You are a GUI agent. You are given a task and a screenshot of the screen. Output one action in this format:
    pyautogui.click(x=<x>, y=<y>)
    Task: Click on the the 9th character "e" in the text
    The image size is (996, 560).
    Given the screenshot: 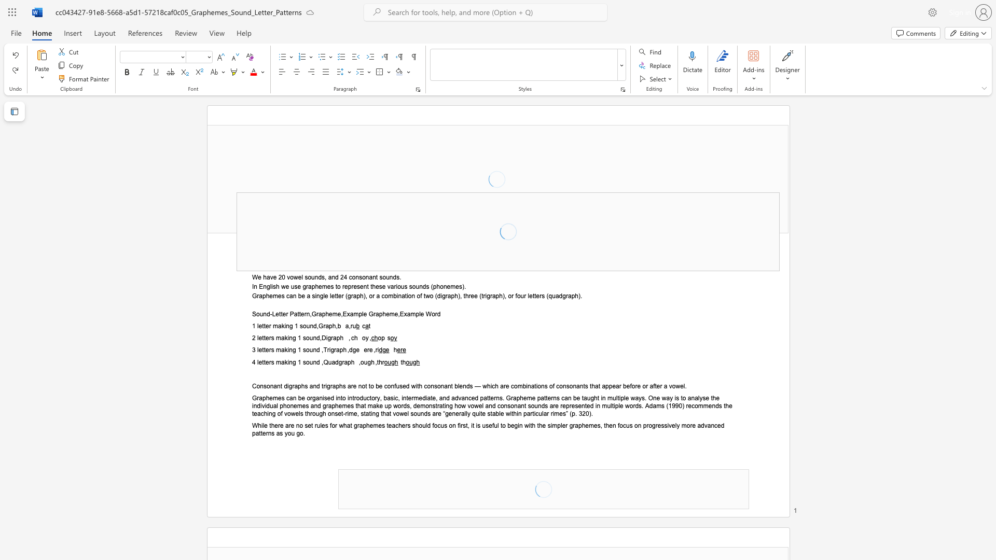 What is the action you would take?
    pyautogui.click(x=383, y=286)
    